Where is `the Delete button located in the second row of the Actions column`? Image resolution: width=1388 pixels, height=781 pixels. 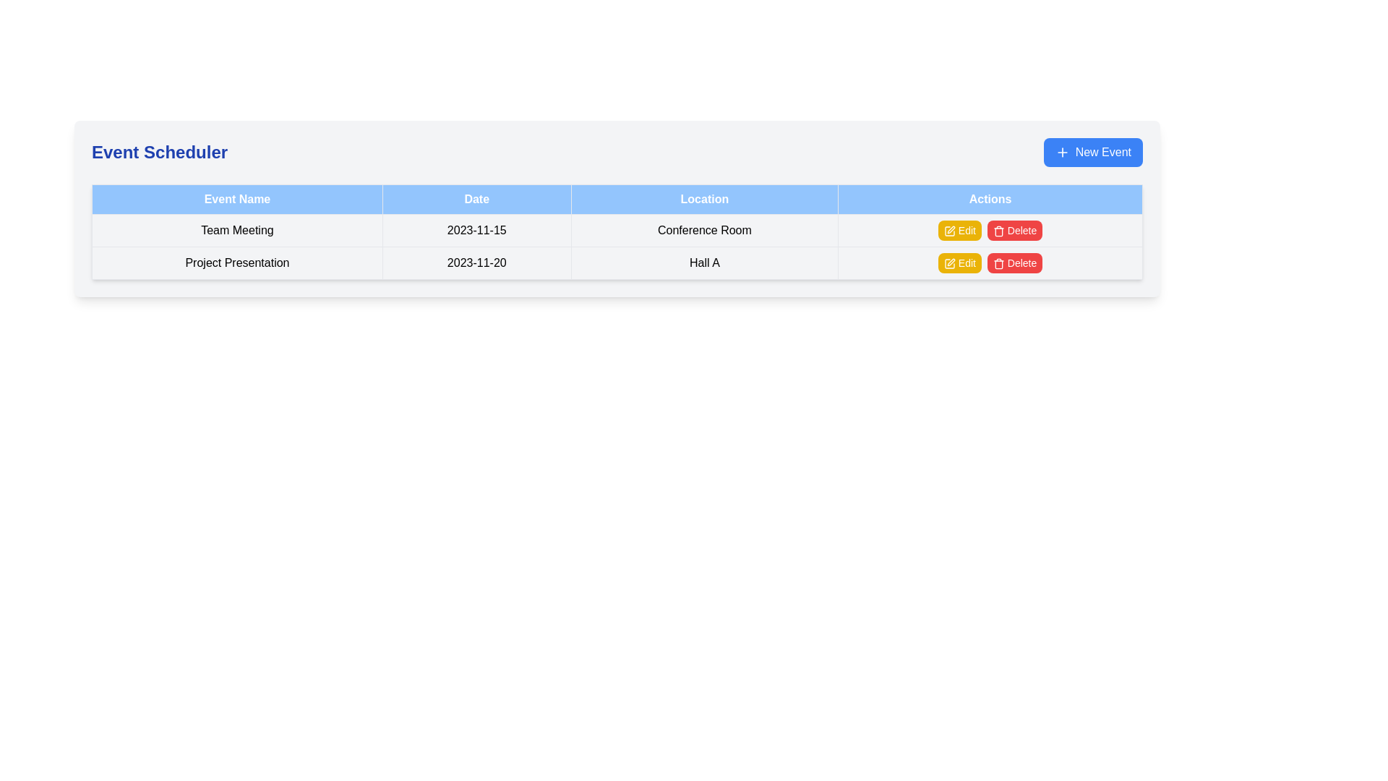
the Delete button located in the second row of the Actions column is located at coordinates (1014, 263).